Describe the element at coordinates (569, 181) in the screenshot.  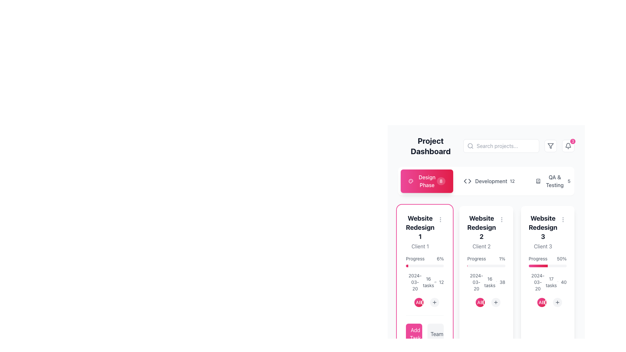
I see `displayed text from the badge showing the number '5', which is located adjacent to the 'QA & Testing' label and styled with white text on a semi-transparent background` at that location.